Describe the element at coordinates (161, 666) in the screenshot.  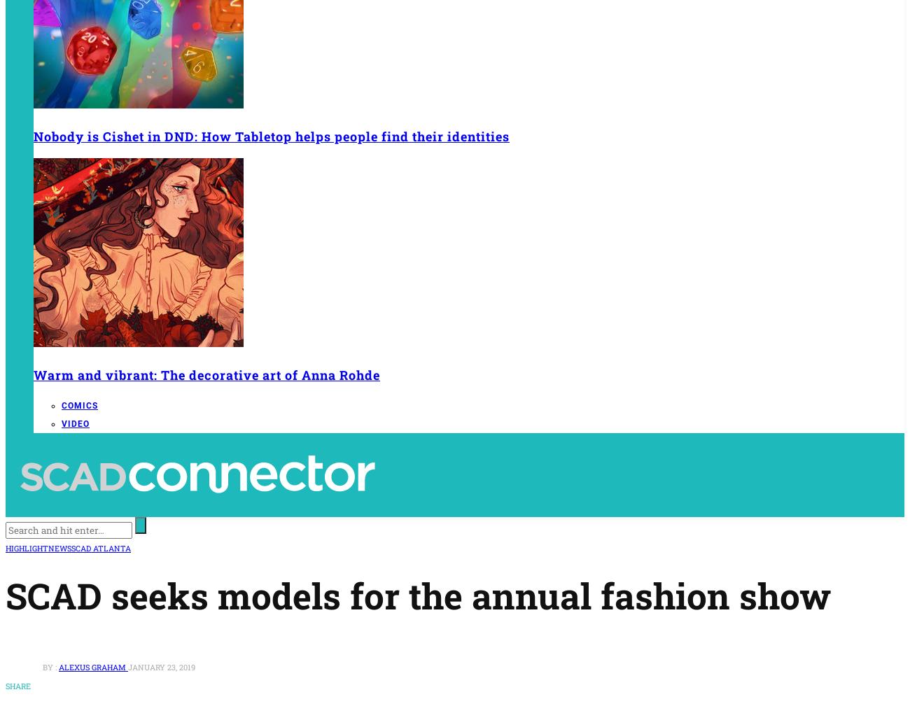
I see `'January 23, 2019'` at that location.